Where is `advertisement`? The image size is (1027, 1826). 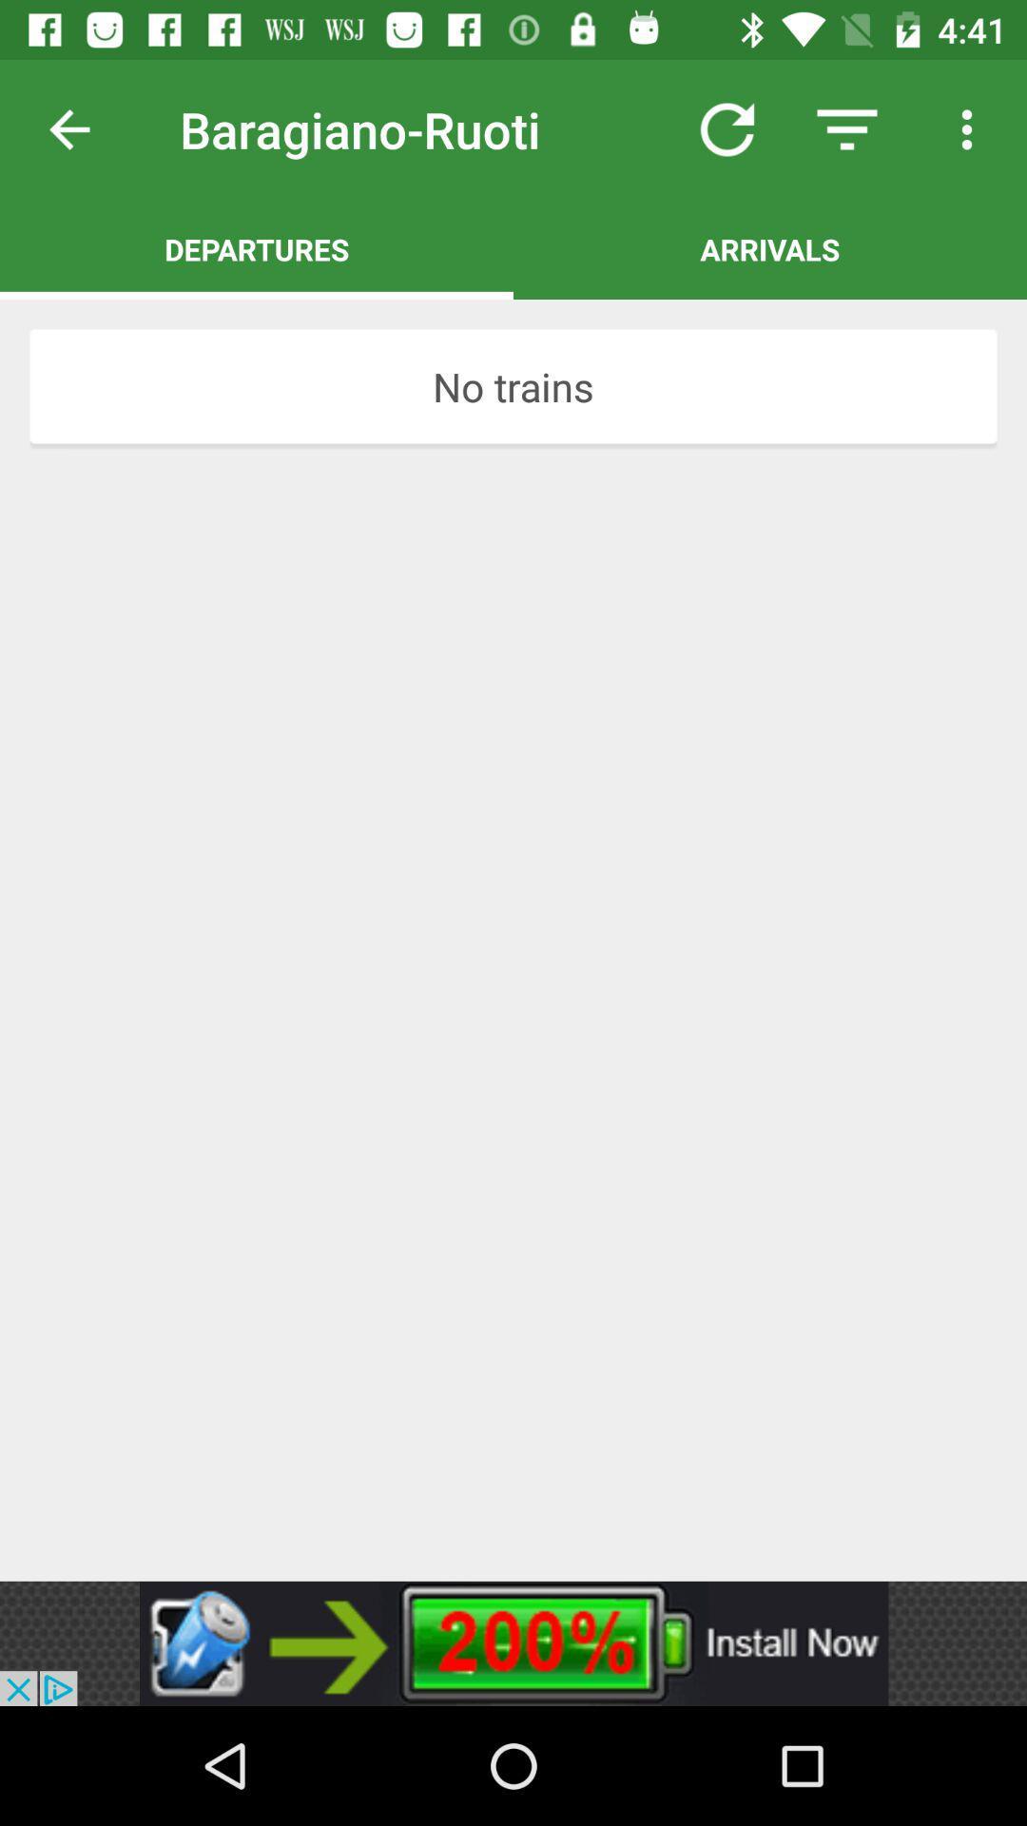 advertisement is located at coordinates (513, 1642).